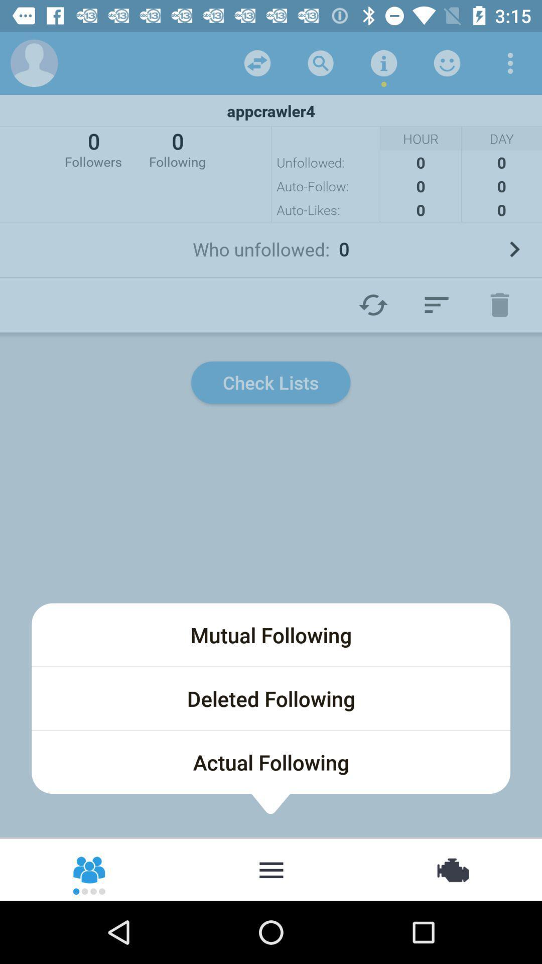 Image resolution: width=542 pixels, height=964 pixels. What do you see at coordinates (271, 869) in the screenshot?
I see `more options` at bounding box center [271, 869].